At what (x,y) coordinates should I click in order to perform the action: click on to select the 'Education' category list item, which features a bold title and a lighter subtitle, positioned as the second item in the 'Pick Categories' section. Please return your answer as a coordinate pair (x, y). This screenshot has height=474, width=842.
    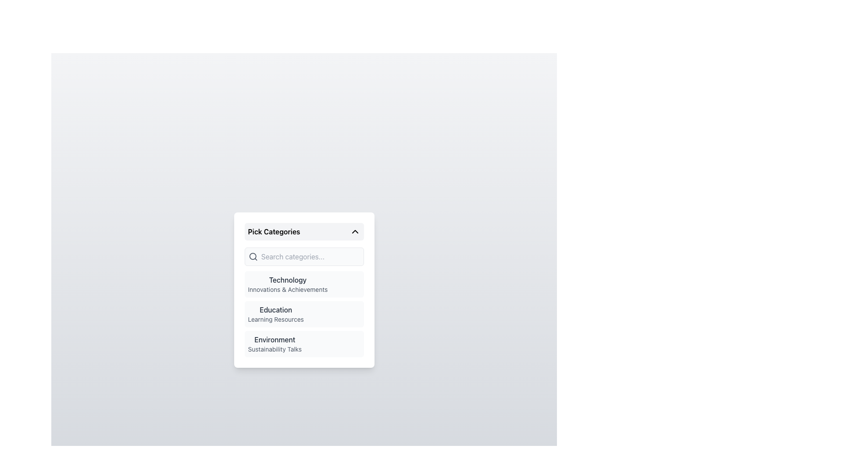
    Looking at the image, I should click on (304, 314).